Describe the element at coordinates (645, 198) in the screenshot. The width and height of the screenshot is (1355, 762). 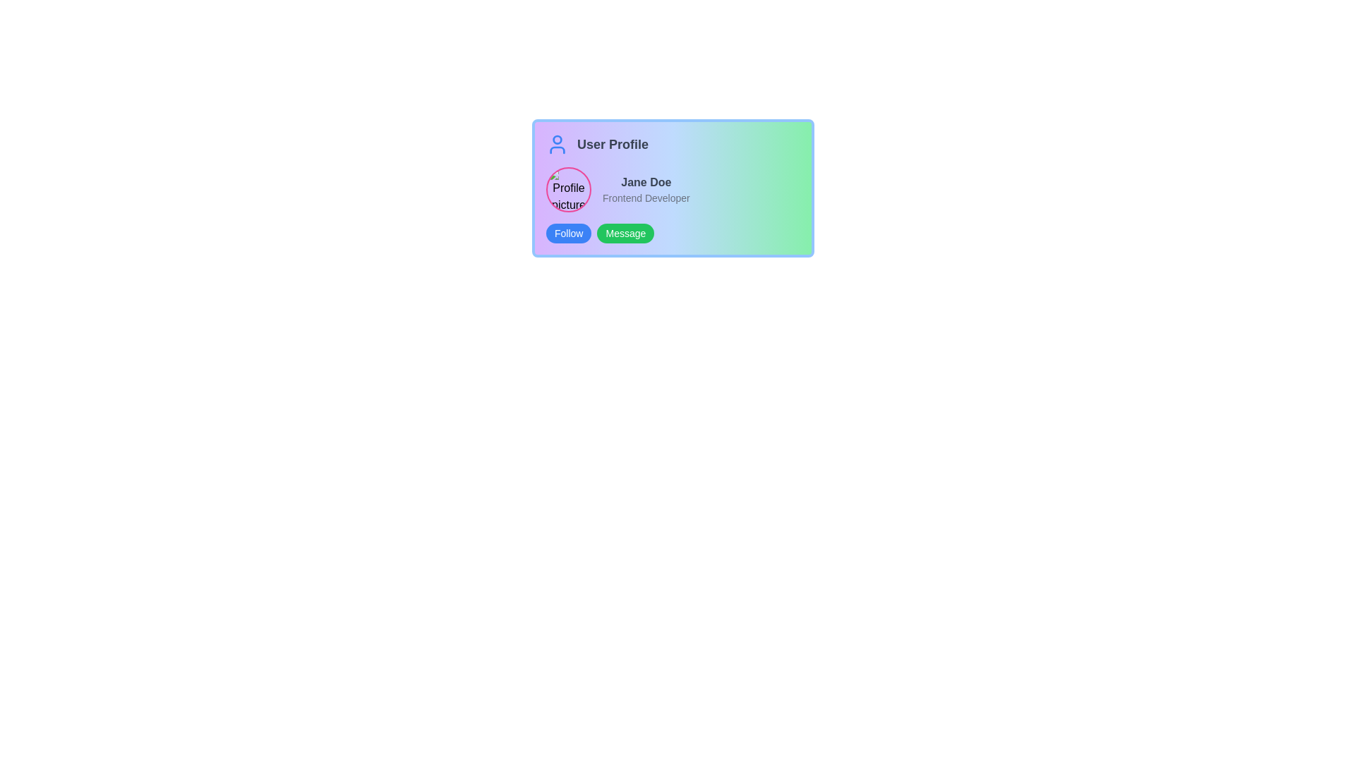
I see `the non-interactive text label that describes the role or position of 'Jane Doe' located in the upper-right section of the 'User Profile' UI card` at that location.